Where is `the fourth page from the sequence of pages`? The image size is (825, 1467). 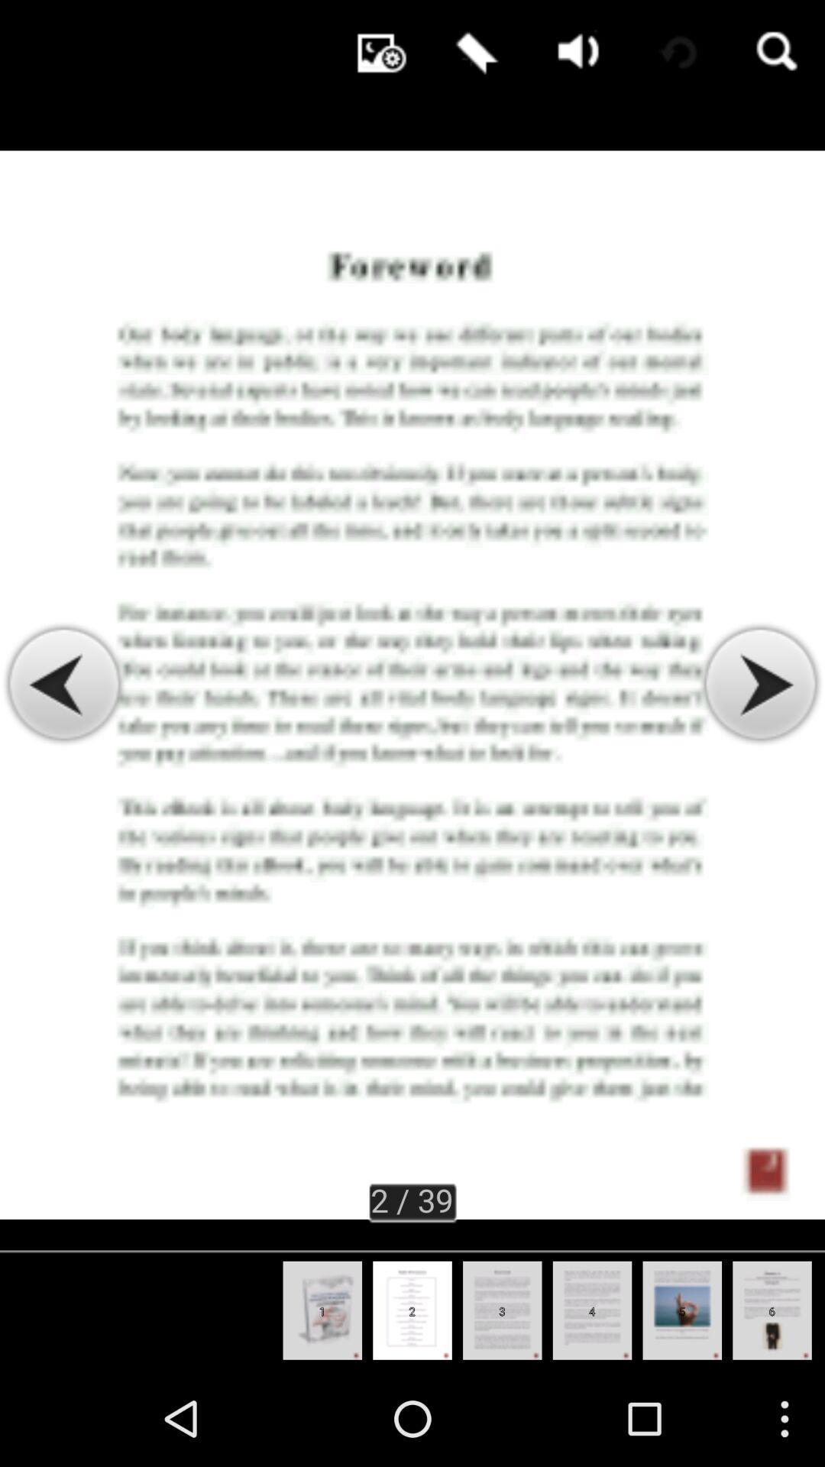 the fourth page from the sequence of pages is located at coordinates (591, 1310).